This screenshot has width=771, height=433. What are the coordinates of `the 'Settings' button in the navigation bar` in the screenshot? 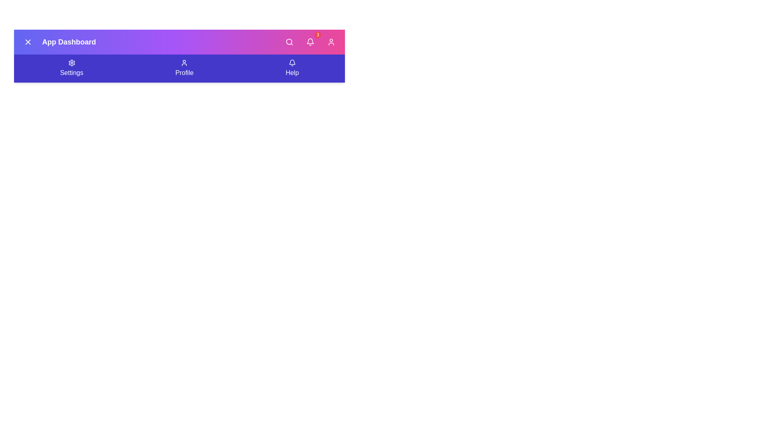 It's located at (71, 68).